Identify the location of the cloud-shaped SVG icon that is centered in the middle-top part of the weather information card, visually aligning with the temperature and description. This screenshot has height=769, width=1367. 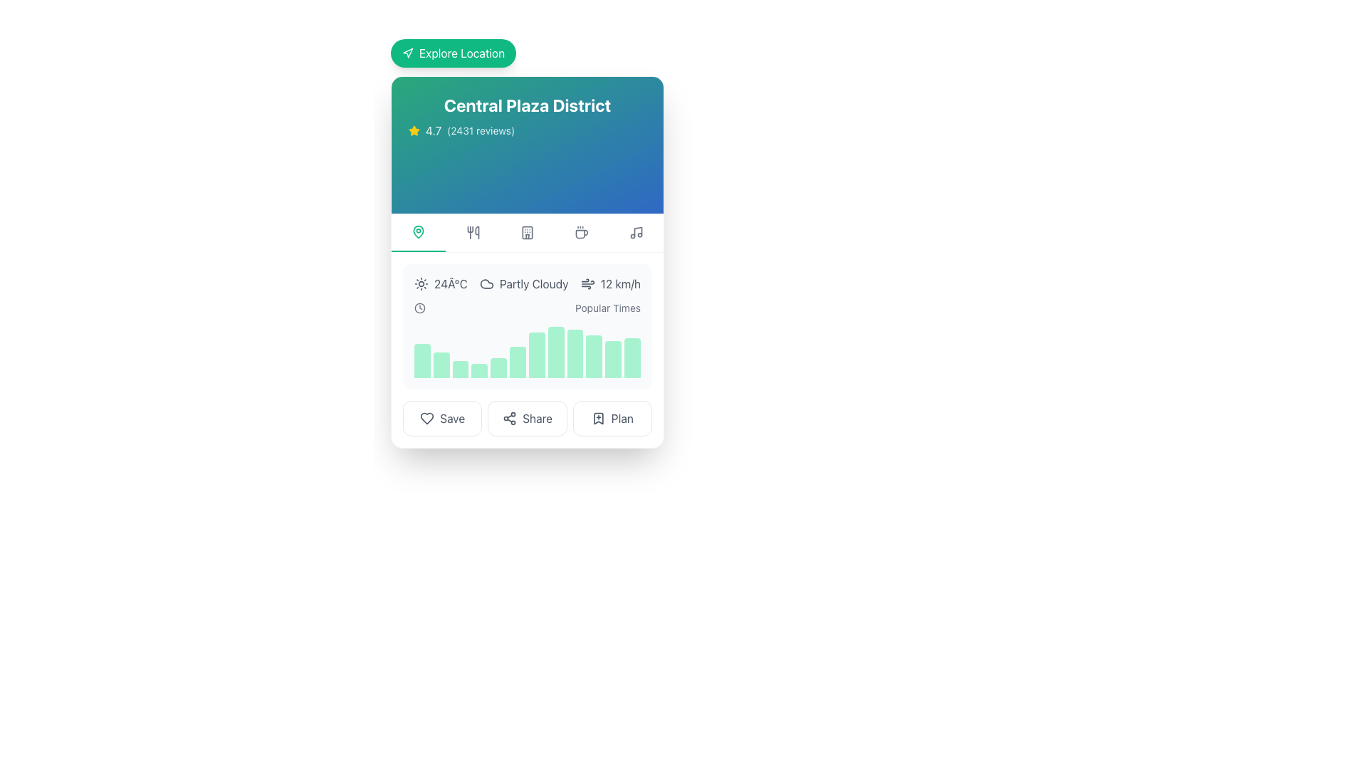
(486, 283).